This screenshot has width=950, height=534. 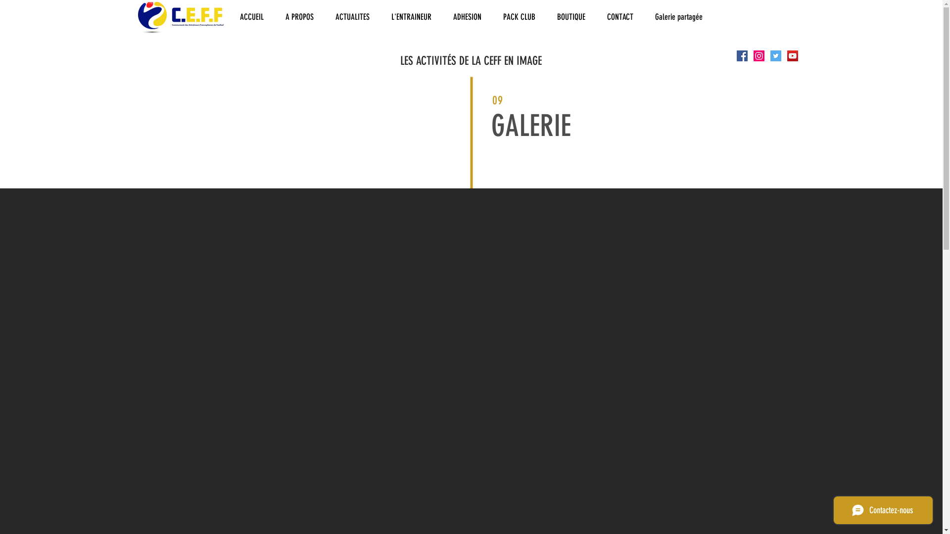 What do you see at coordinates (298, 17) in the screenshot?
I see `'A PROPOS'` at bounding box center [298, 17].